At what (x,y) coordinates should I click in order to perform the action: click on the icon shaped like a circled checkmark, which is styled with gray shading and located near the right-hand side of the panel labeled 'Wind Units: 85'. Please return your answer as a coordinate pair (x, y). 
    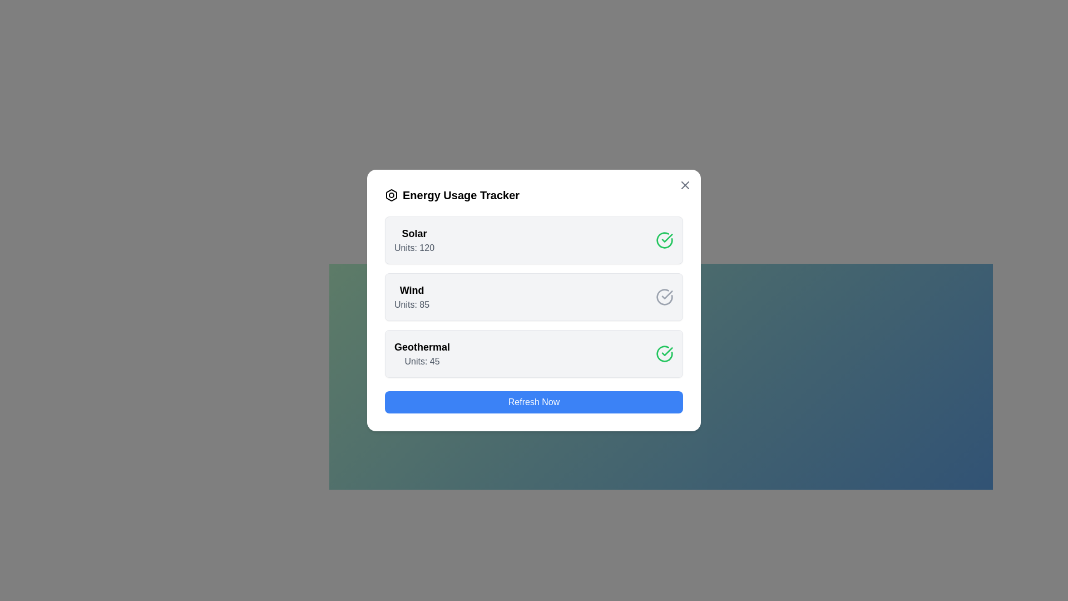
    Looking at the image, I should click on (665, 296).